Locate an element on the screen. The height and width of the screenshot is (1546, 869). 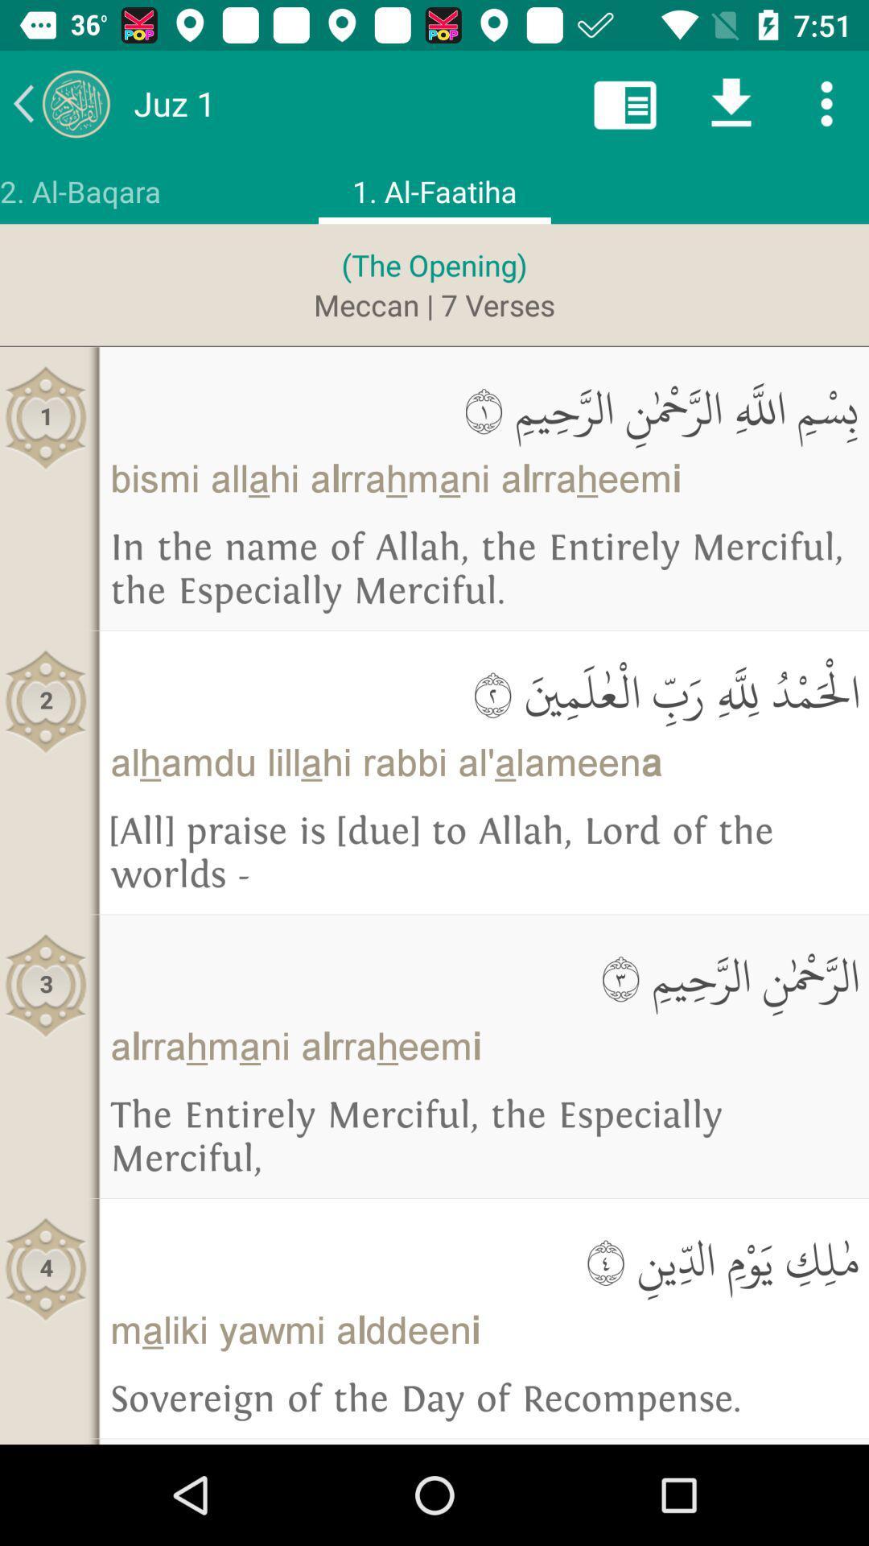
more options button is located at coordinates (826, 102).